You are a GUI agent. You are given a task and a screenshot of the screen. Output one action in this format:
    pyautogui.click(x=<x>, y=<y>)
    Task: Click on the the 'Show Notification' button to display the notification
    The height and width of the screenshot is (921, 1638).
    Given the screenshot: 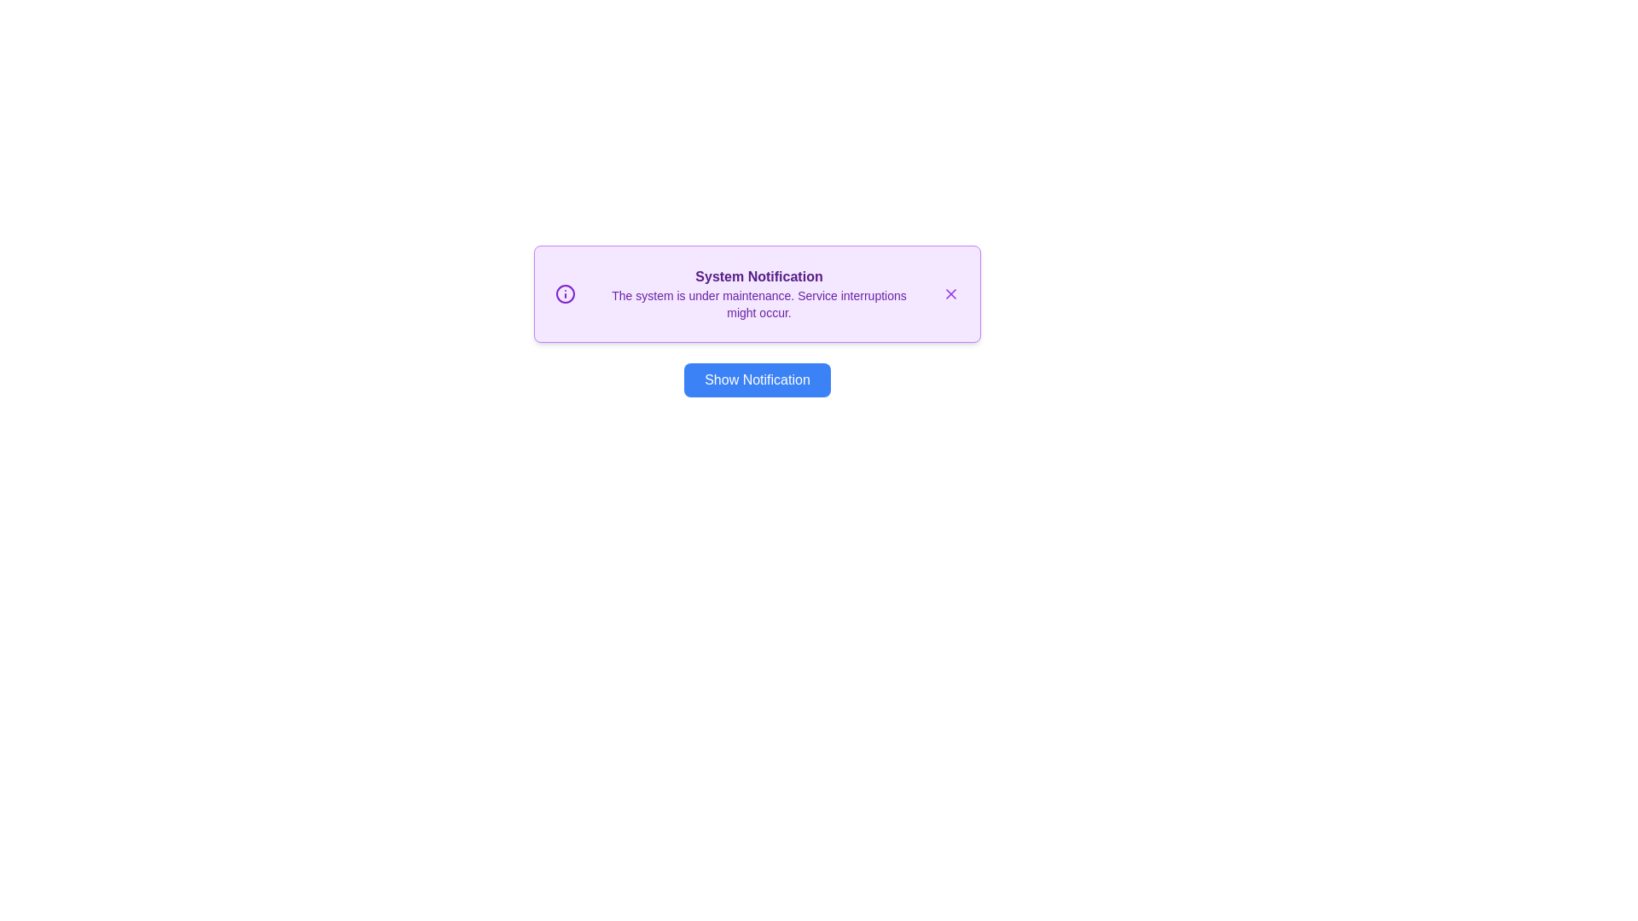 What is the action you would take?
    pyautogui.click(x=757, y=379)
    